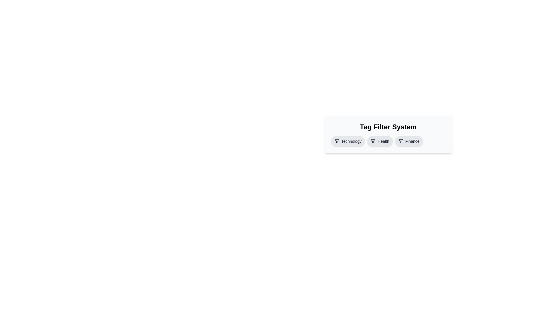 This screenshot has height=309, width=550. Describe the element at coordinates (380, 141) in the screenshot. I see `the tag labeled Health to inspect its label` at that location.